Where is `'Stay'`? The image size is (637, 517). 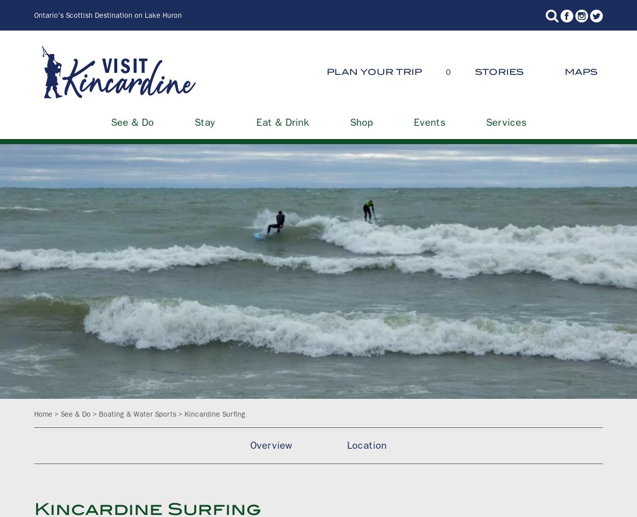
'Stay' is located at coordinates (74, 173).